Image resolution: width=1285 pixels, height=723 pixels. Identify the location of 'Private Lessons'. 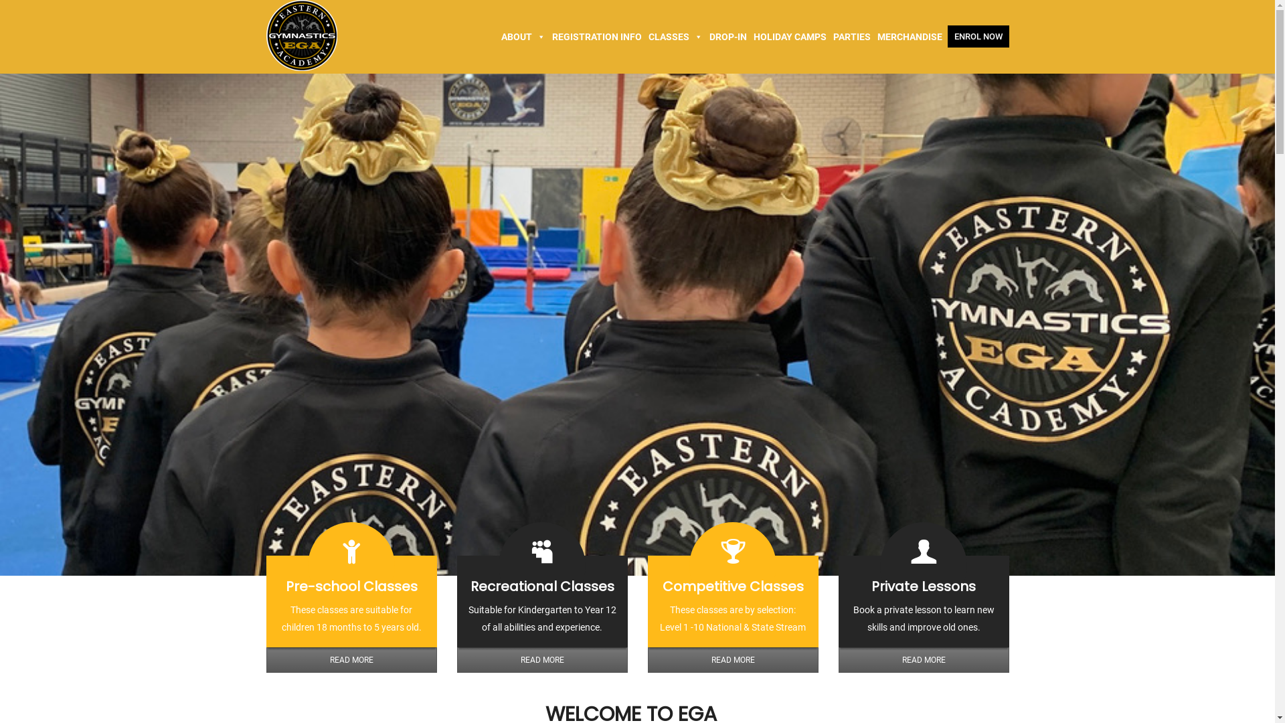
(923, 585).